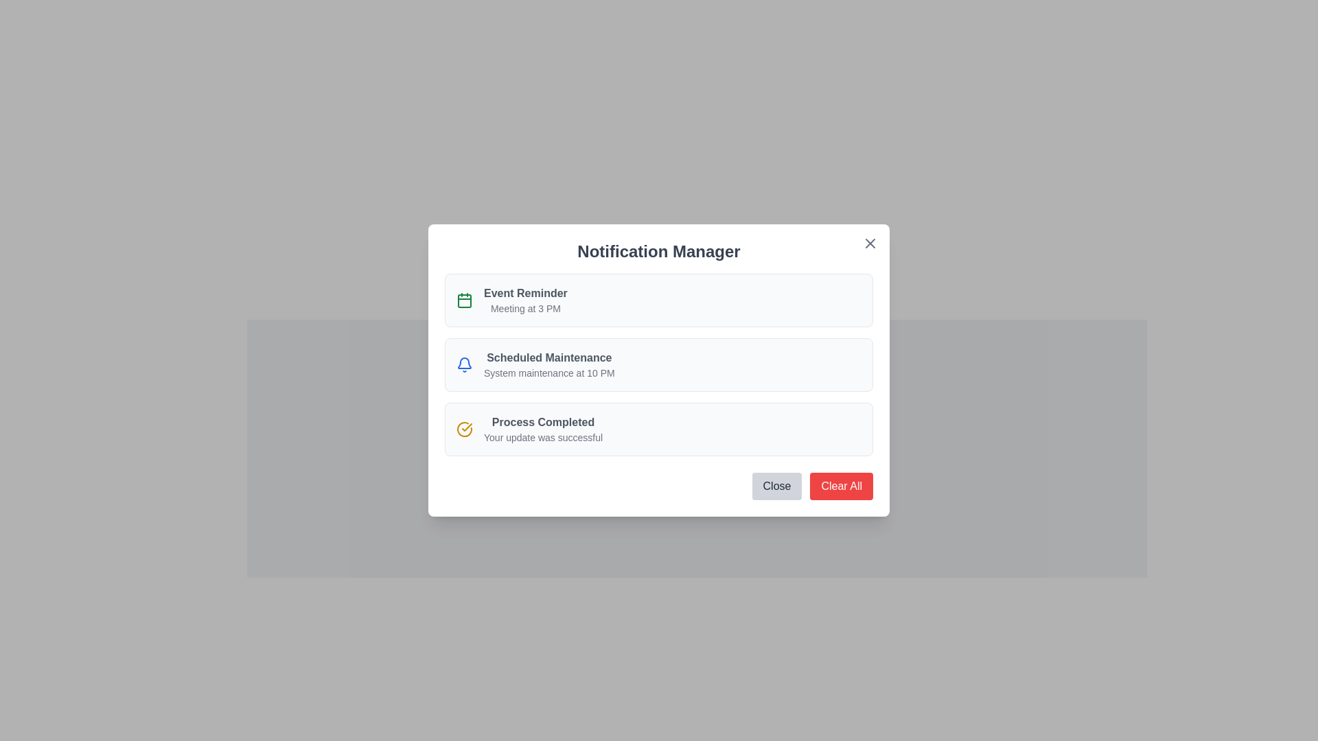 Image resolution: width=1318 pixels, height=741 pixels. Describe the element at coordinates (464, 300) in the screenshot. I see `the calendar reminder icon located at the top-left corner of the 'Event Reminder' notification card, above the title and description text` at that location.